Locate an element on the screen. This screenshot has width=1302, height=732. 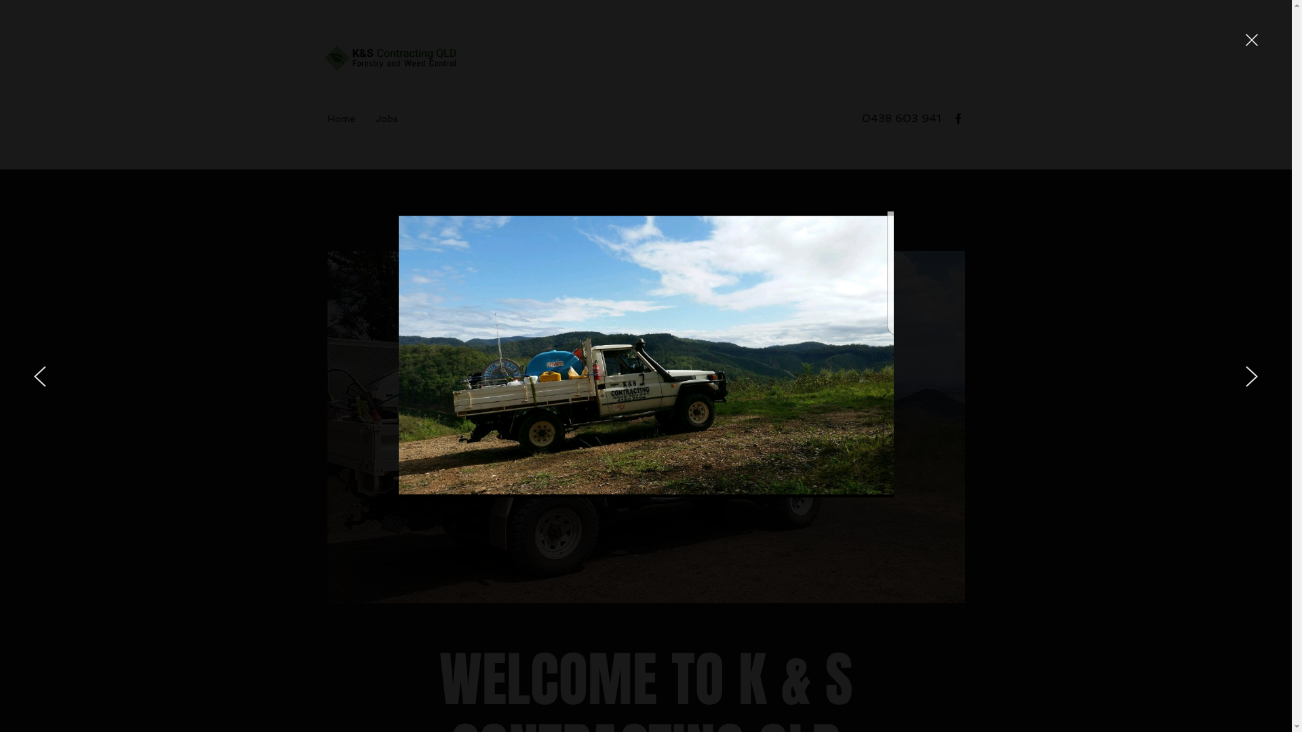
'Home' is located at coordinates (341, 117).